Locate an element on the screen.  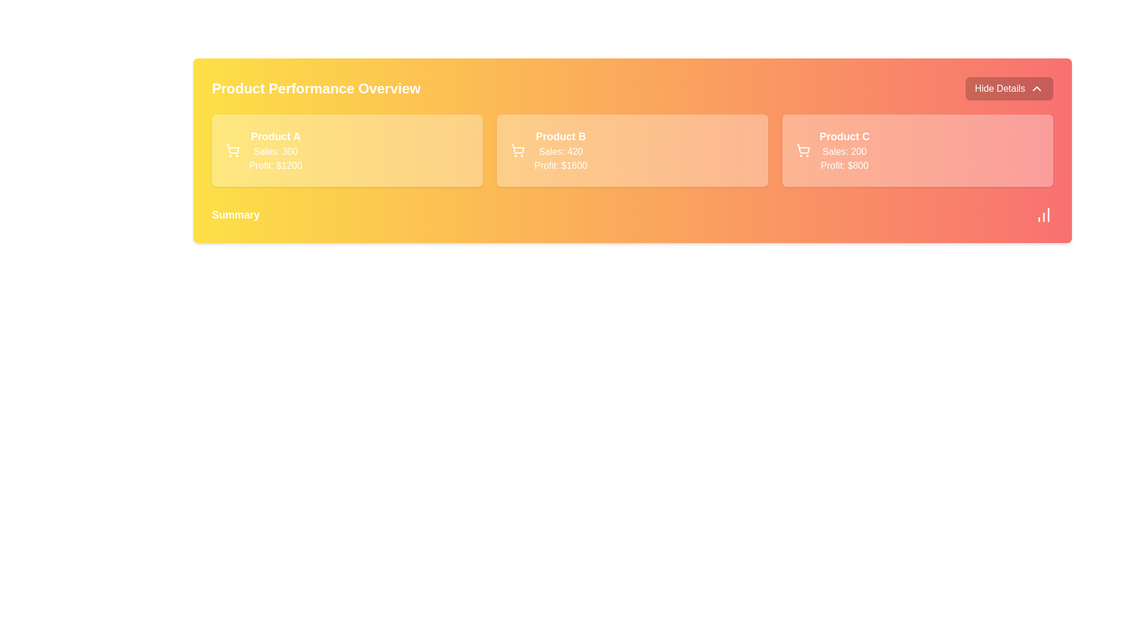
the Text label displaying the profit value for 'Product C' located beneath 'Sales: 200' in the product performance panel is located at coordinates (844, 166).